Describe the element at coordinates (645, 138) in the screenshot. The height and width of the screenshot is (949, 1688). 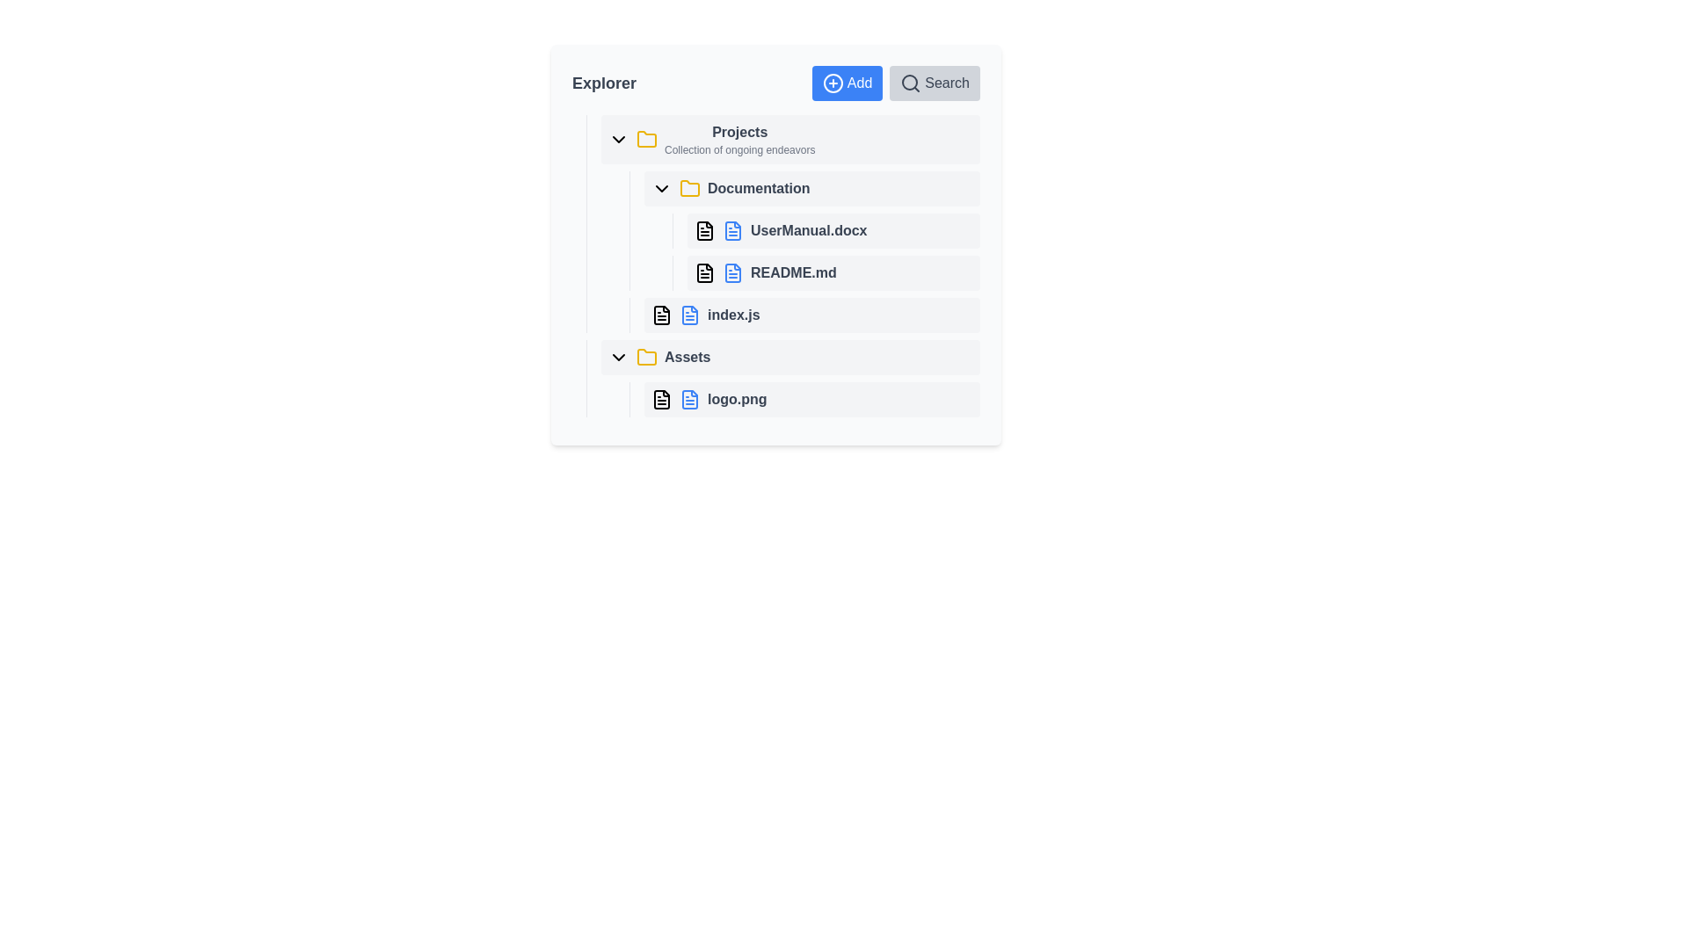
I see `the folder icon located to the left of the 'Projects' label in the 'Explorer' section of the file explorer interface` at that location.